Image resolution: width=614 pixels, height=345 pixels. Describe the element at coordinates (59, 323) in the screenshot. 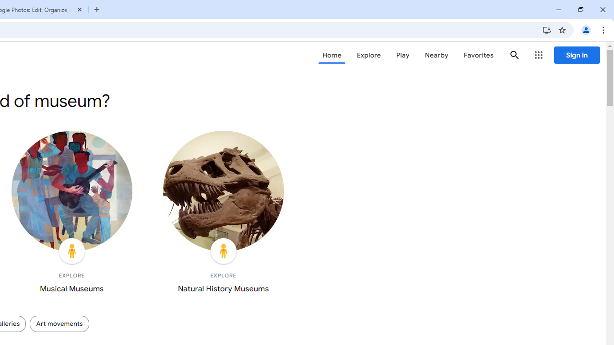

I see `'Art movements'` at that location.